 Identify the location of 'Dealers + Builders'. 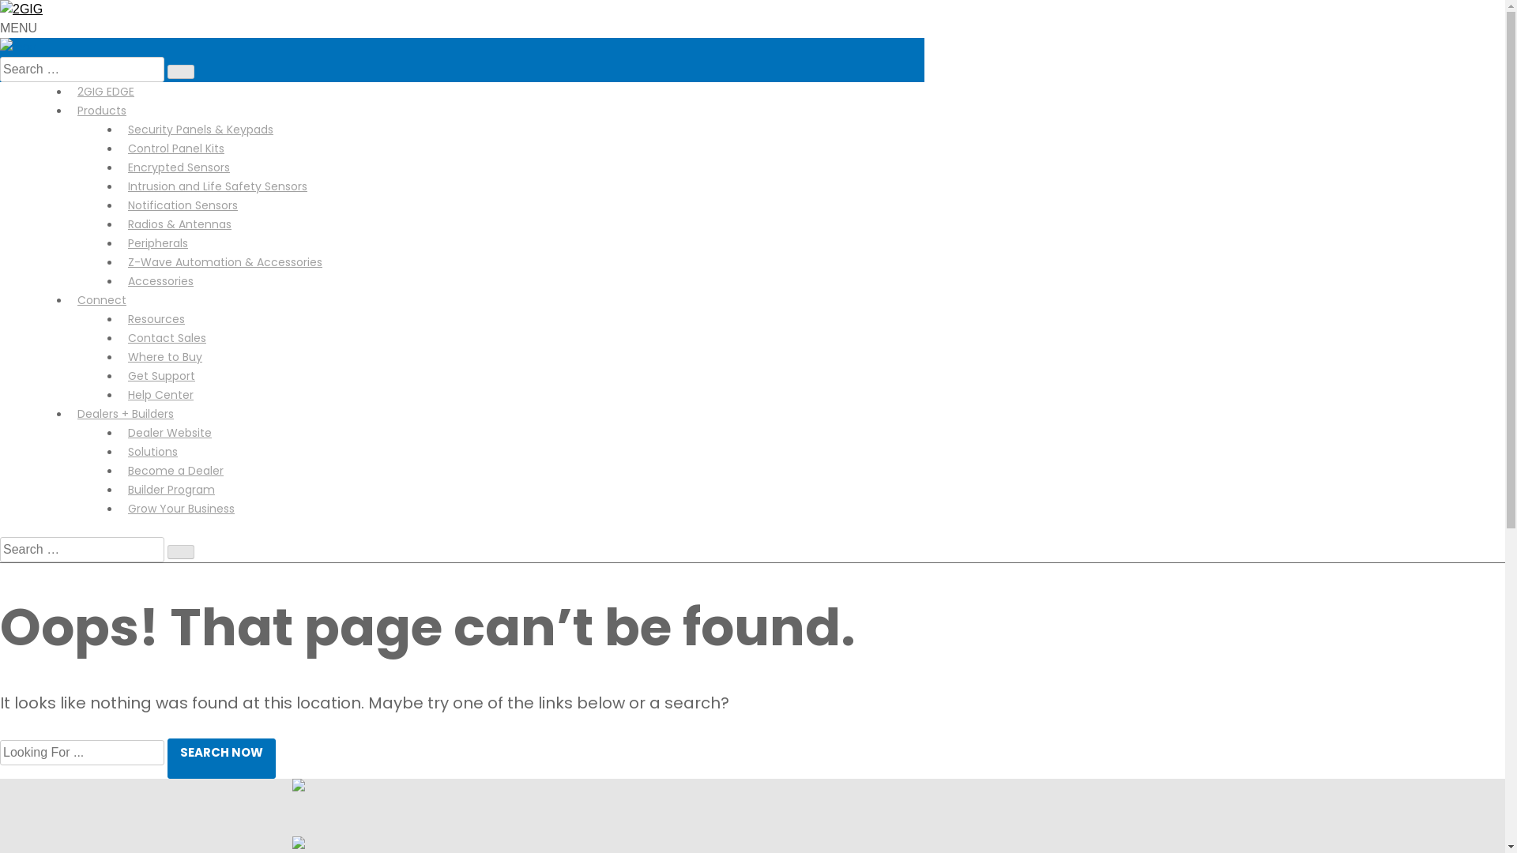
(124, 413).